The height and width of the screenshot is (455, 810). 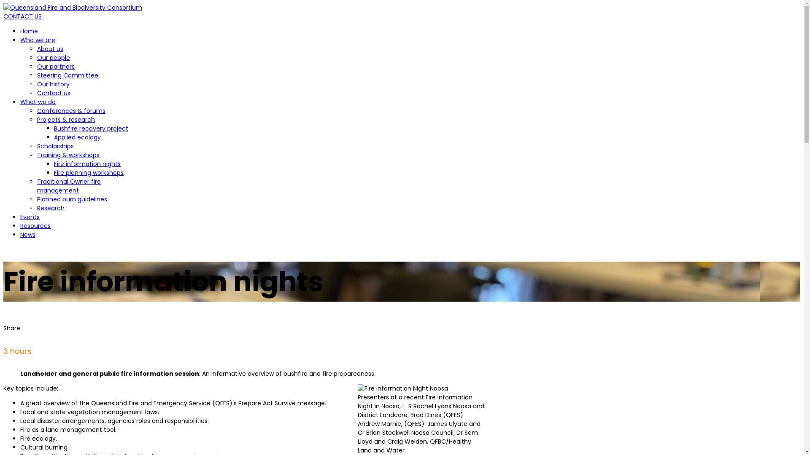 What do you see at coordinates (28, 234) in the screenshot?
I see `'News'` at bounding box center [28, 234].